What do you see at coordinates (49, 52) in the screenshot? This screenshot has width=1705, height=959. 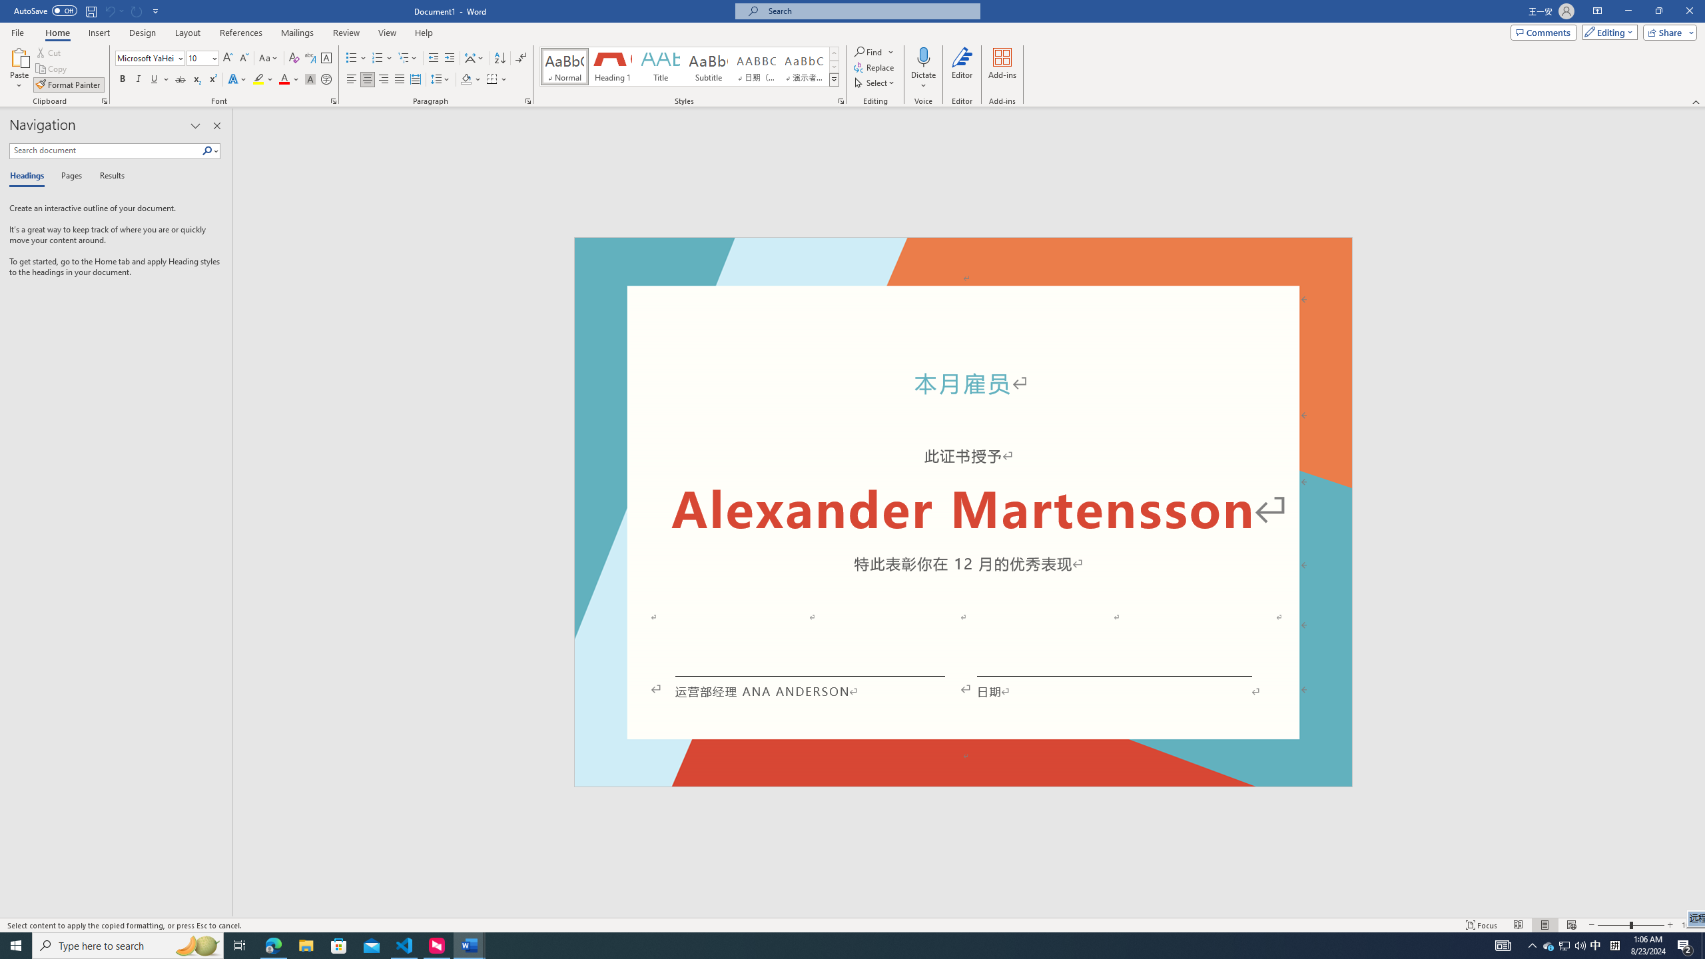 I see `'Cut'` at bounding box center [49, 52].